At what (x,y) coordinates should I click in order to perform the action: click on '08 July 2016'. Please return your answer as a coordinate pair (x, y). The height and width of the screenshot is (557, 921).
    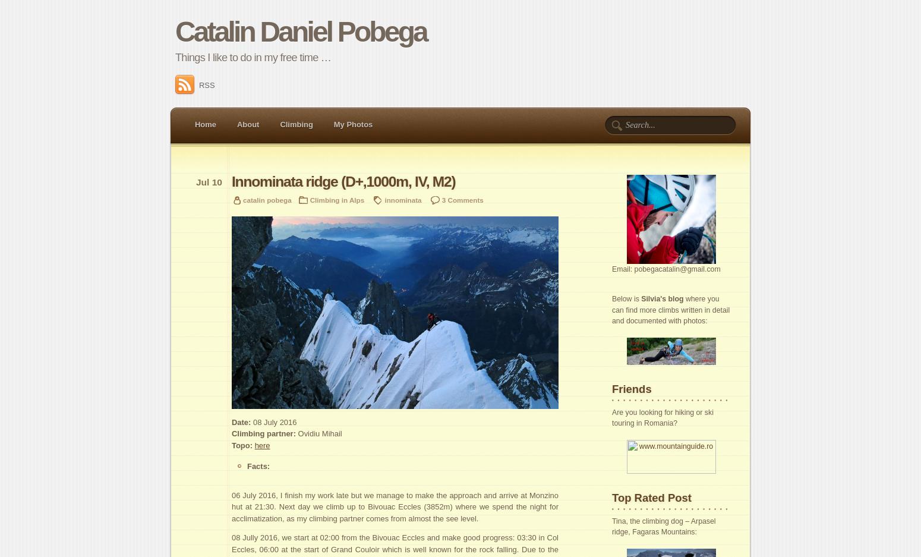
    Looking at the image, I should click on (273, 421).